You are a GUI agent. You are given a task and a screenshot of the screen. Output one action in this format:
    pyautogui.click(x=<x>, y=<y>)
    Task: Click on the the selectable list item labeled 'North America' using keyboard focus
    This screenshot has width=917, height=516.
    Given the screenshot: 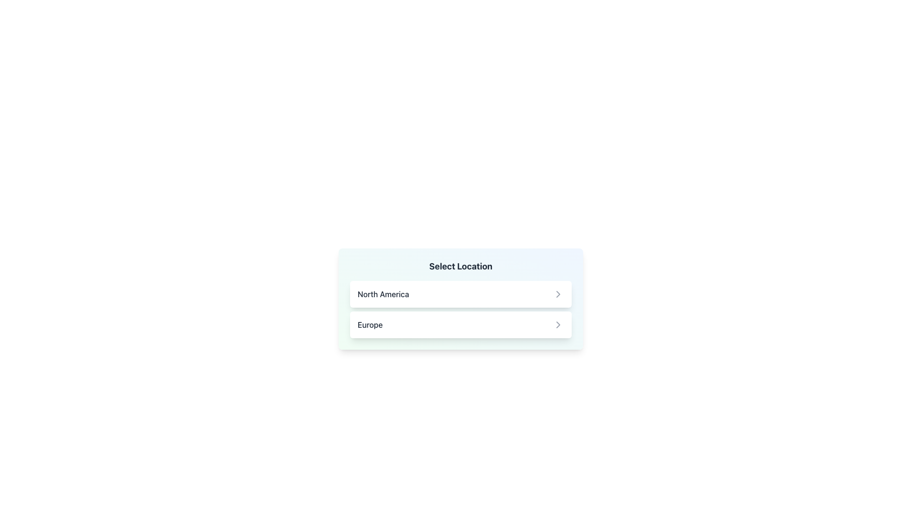 What is the action you would take?
    pyautogui.click(x=460, y=294)
    